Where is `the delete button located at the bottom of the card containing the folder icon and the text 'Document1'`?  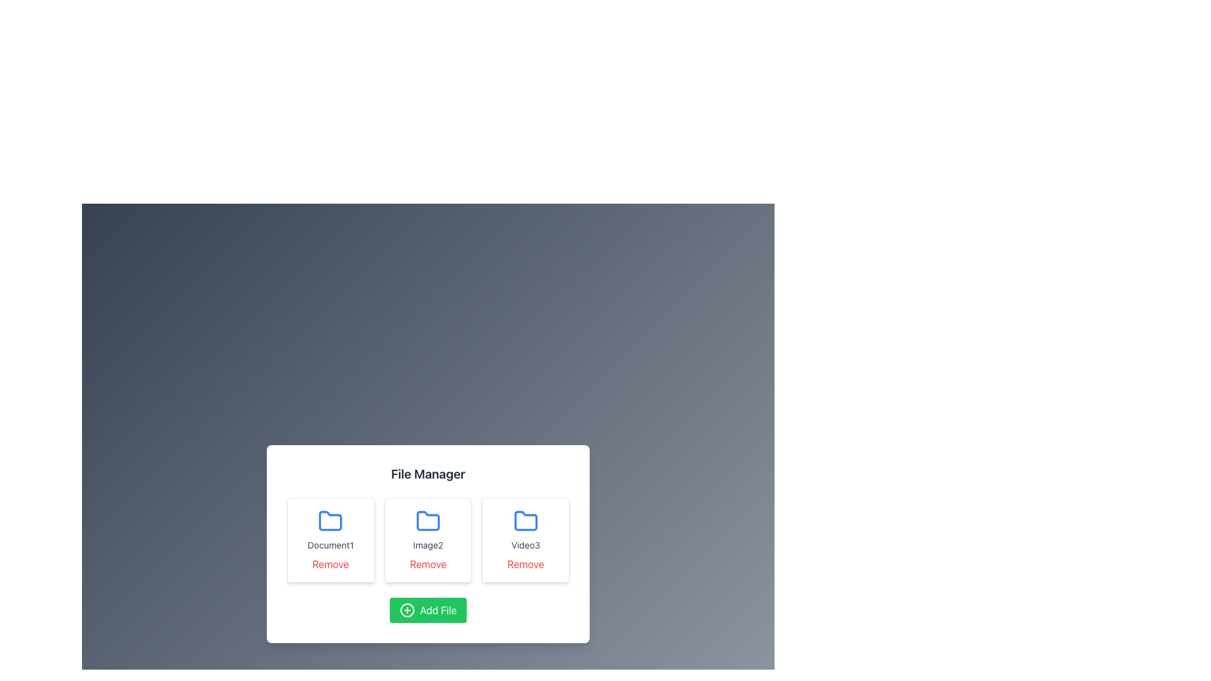
the delete button located at the bottom of the card containing the folder icon and the text 'Document1' is located at coordinates (331, 563).